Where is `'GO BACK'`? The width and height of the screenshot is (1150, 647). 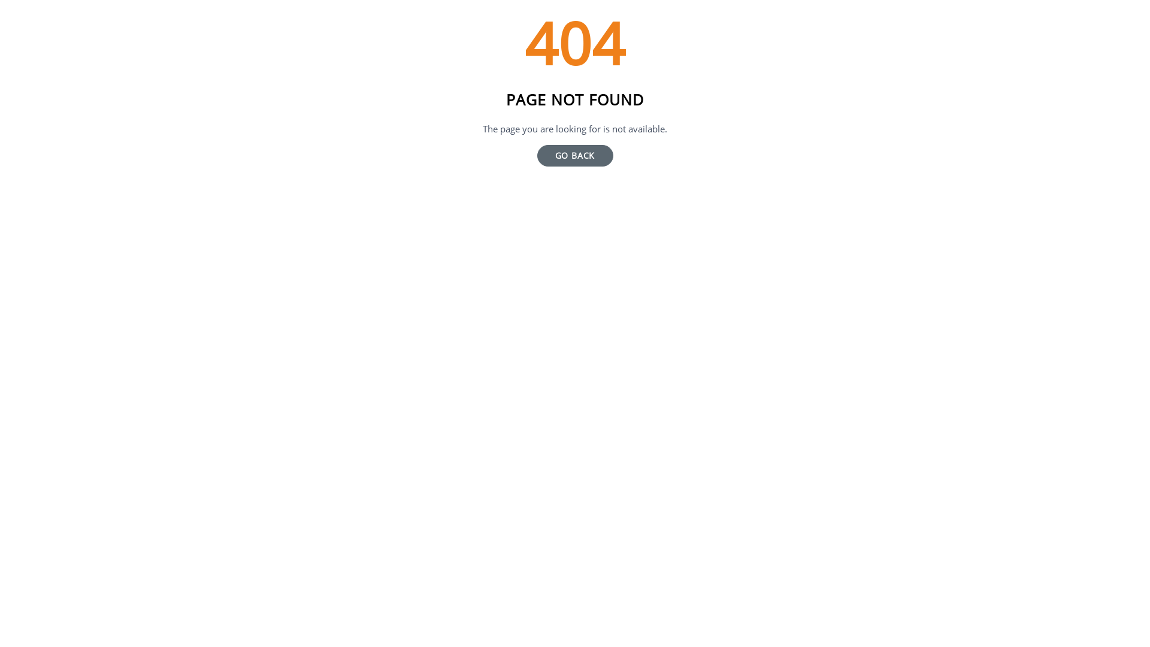
'GO BACK' is located at coordinates (575, 155).